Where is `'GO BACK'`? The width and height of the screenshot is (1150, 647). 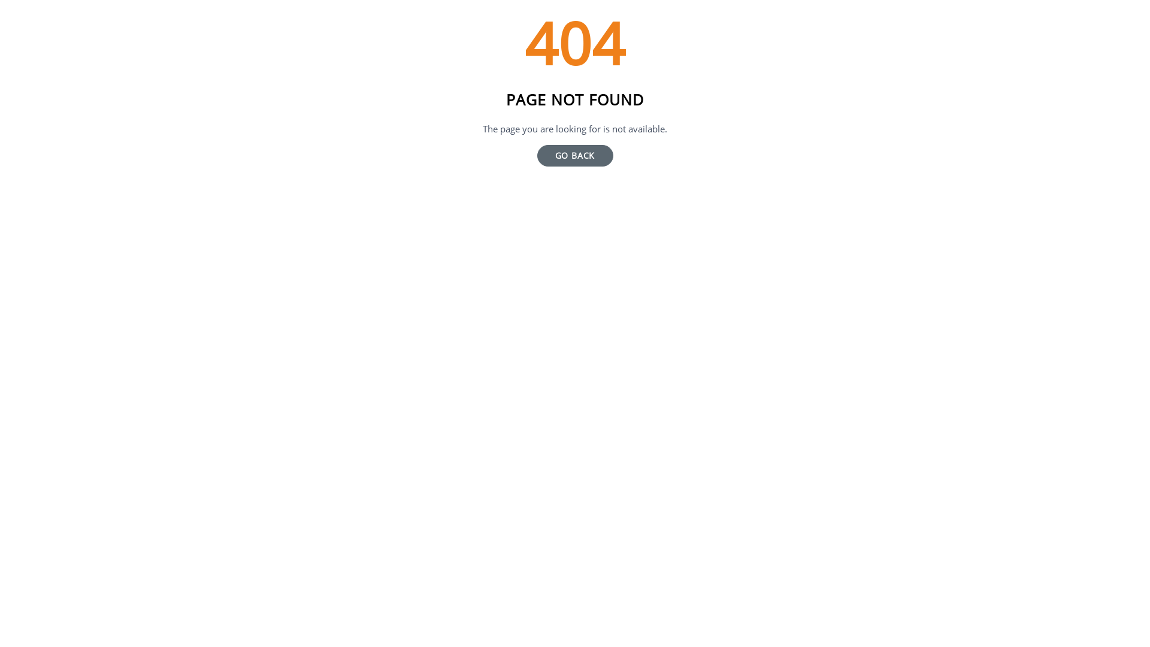
'GO BACK' is located at coordinates (575, 155).